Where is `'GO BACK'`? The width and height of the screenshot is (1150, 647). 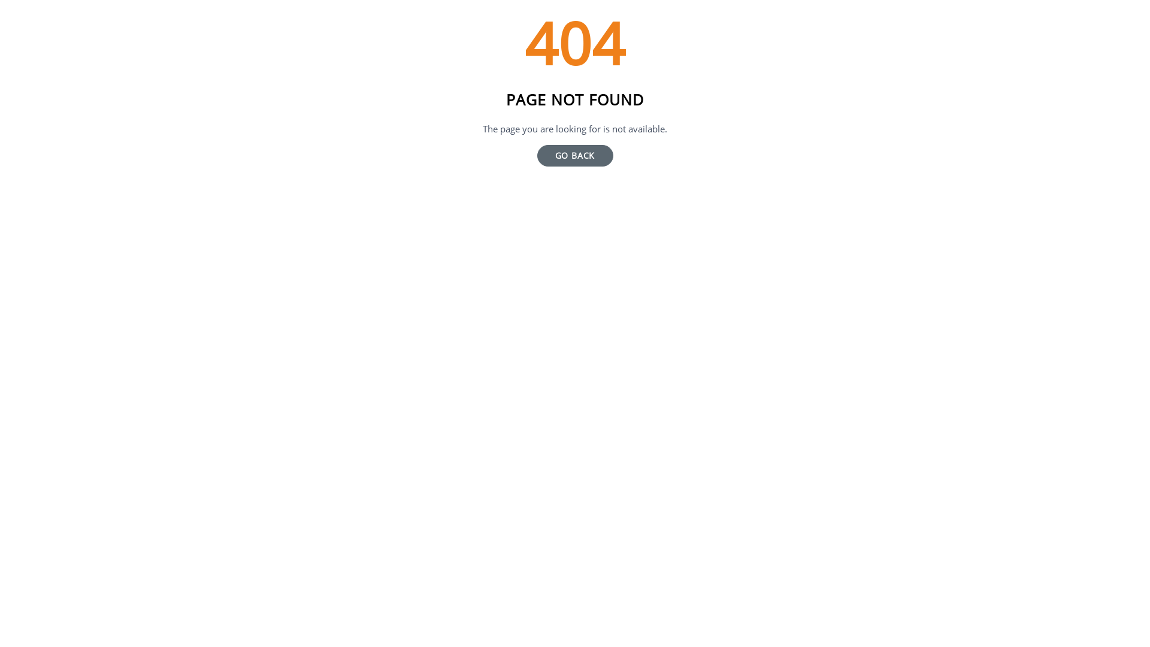
'GO BACK' is located at coordinates (575, 155).